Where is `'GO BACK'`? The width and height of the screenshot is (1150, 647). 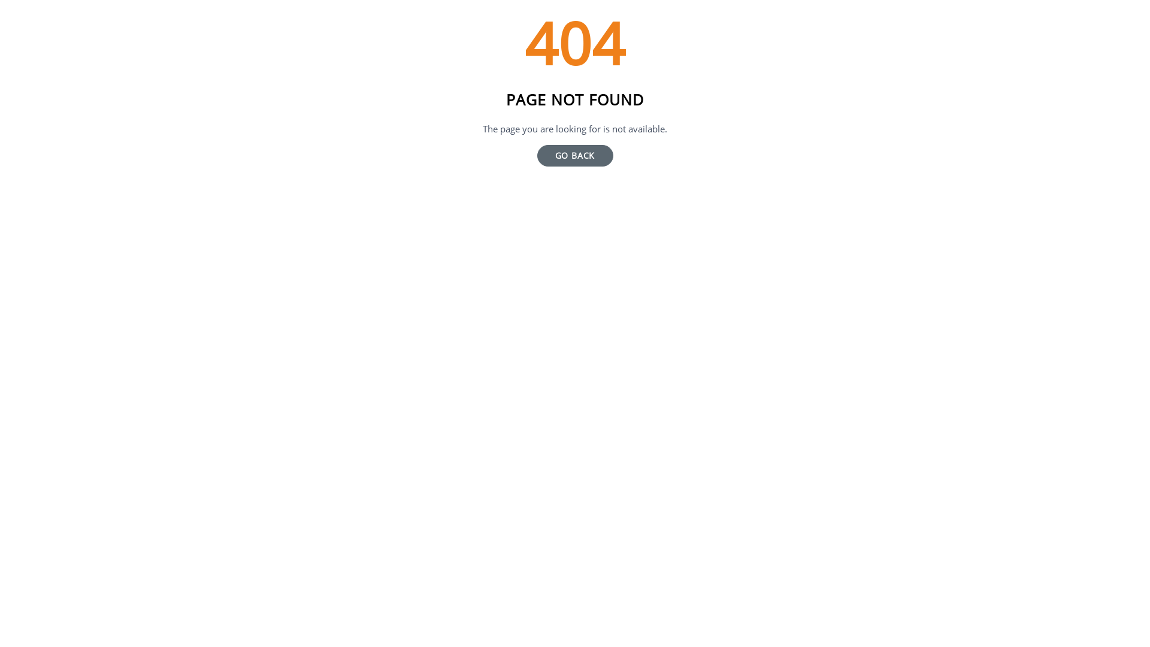
'GO BACK' is located at coordinates (575, 155).